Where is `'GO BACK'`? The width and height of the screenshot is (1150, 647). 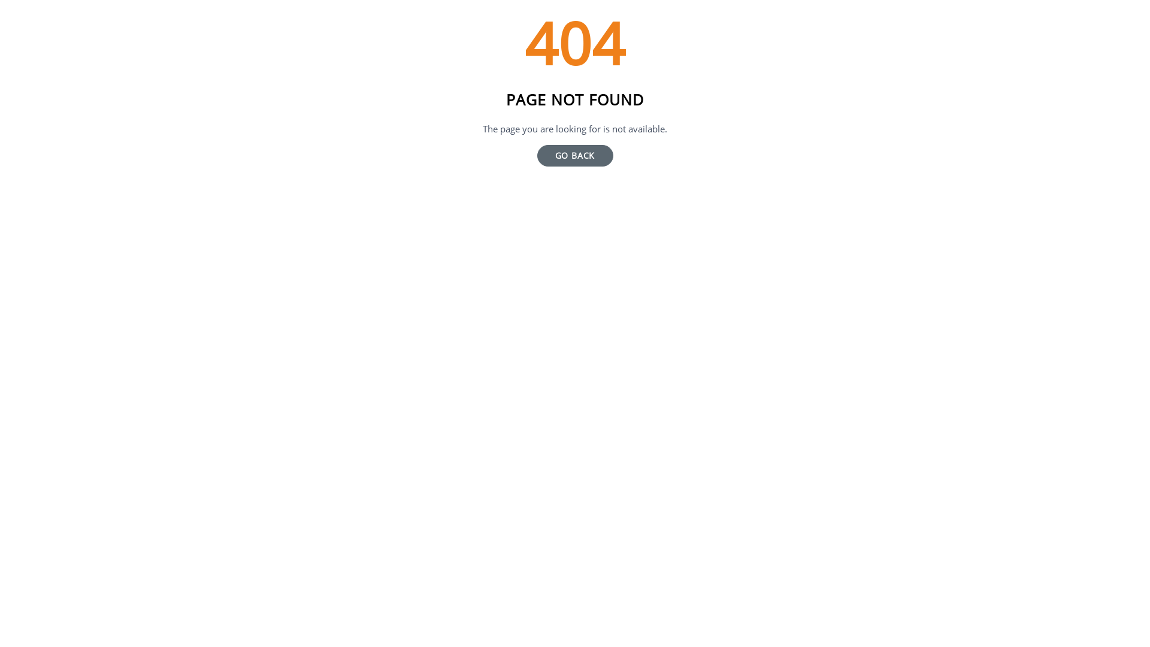
'GO BACK' is located at coordinates (575, 155).